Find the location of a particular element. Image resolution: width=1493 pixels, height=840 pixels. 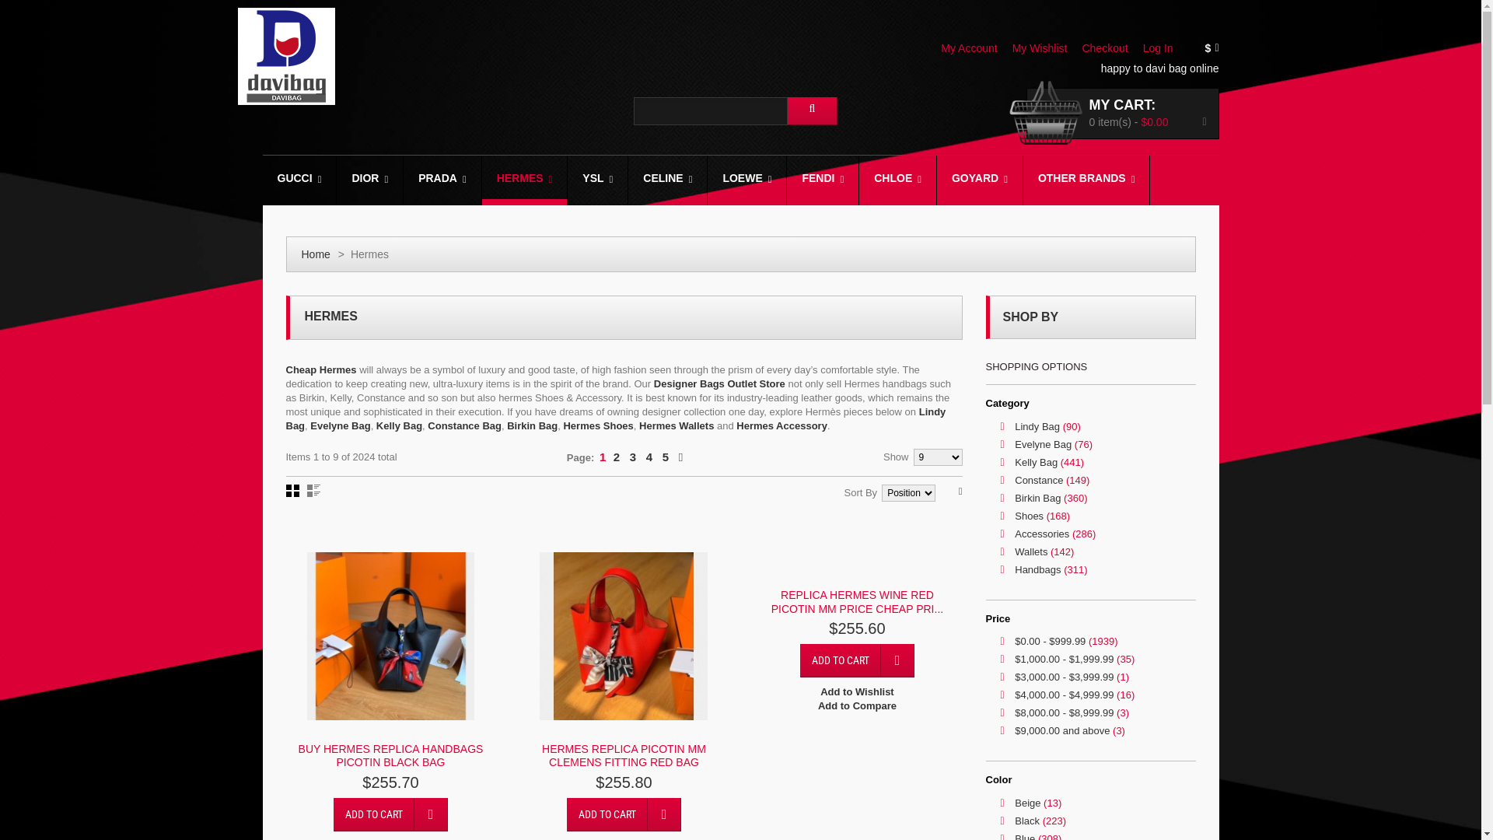

'List' is located at coordinates (306, 491).